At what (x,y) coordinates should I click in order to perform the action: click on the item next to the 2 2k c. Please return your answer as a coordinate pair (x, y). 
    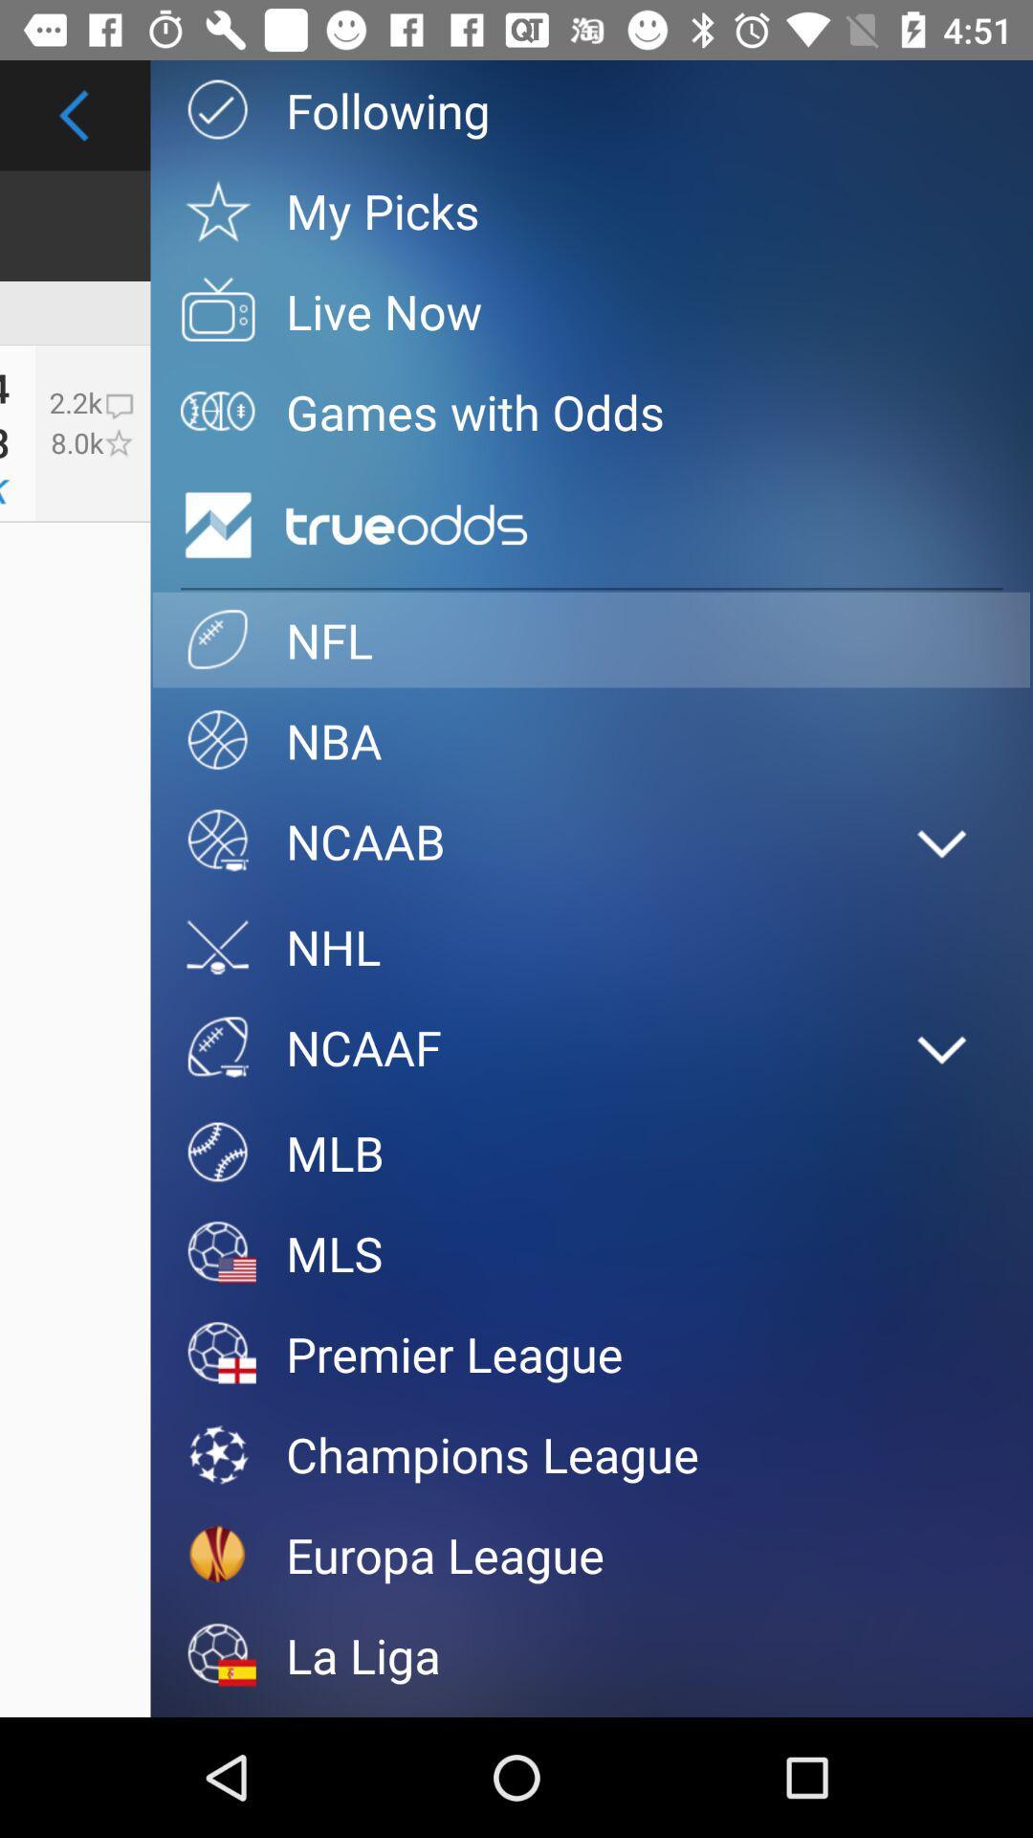
    Looking at the image, I should click on (217, 525).